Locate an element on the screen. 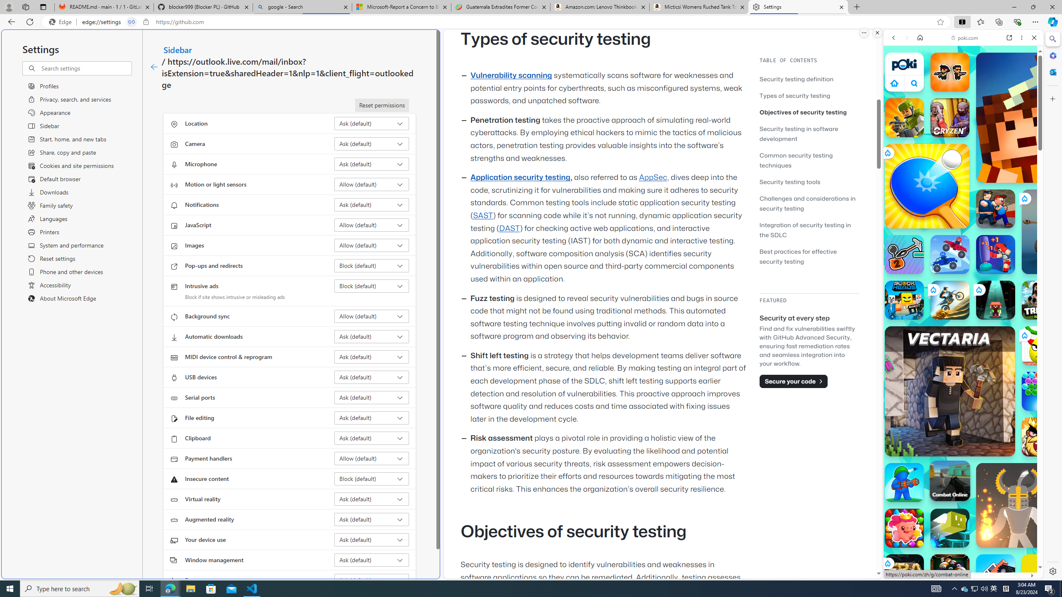 The width and height of the screenshot is (1062, 597). 'Io Games' is located at coordinates (962, 255).